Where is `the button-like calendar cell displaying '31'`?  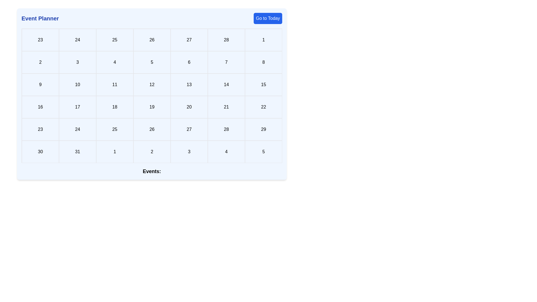 the button-like calendar cell displaying '31' is located at coordinates (77, 152).